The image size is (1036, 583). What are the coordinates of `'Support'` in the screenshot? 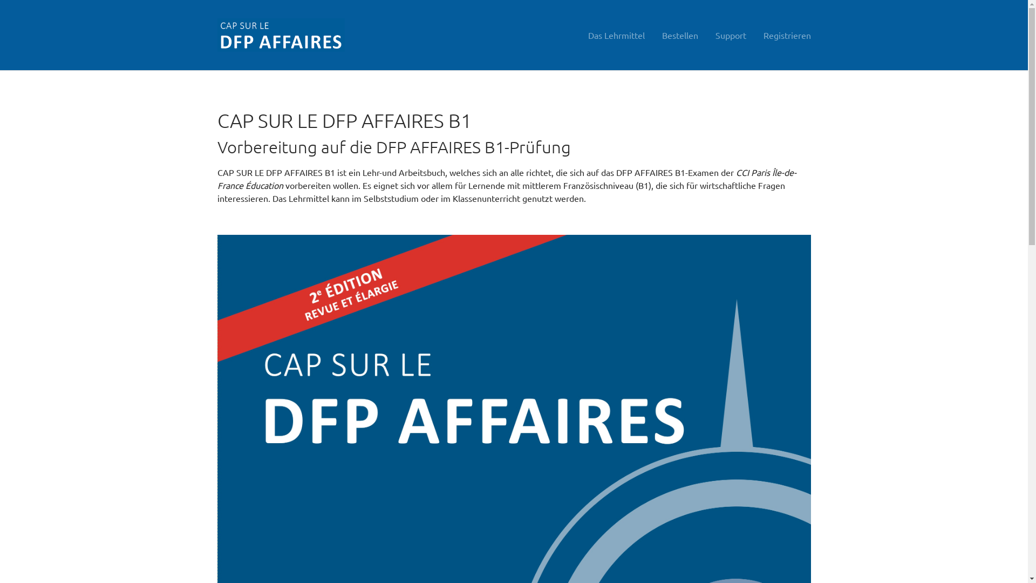 It's located at (707, 35).